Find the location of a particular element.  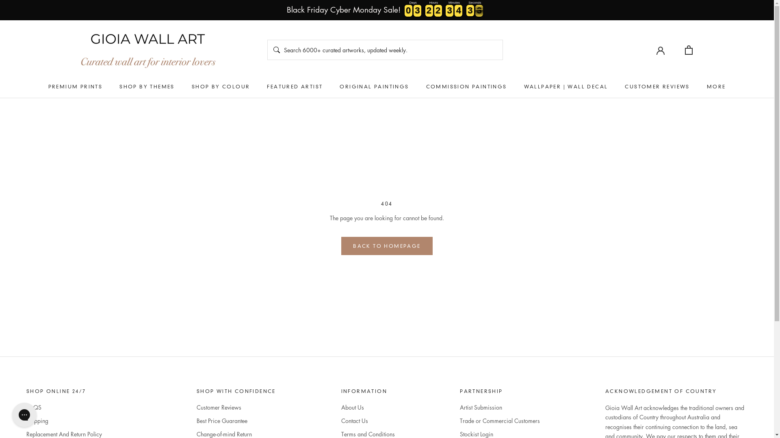

'SHOP BY COLOUR is located at coordinates (221, 86).